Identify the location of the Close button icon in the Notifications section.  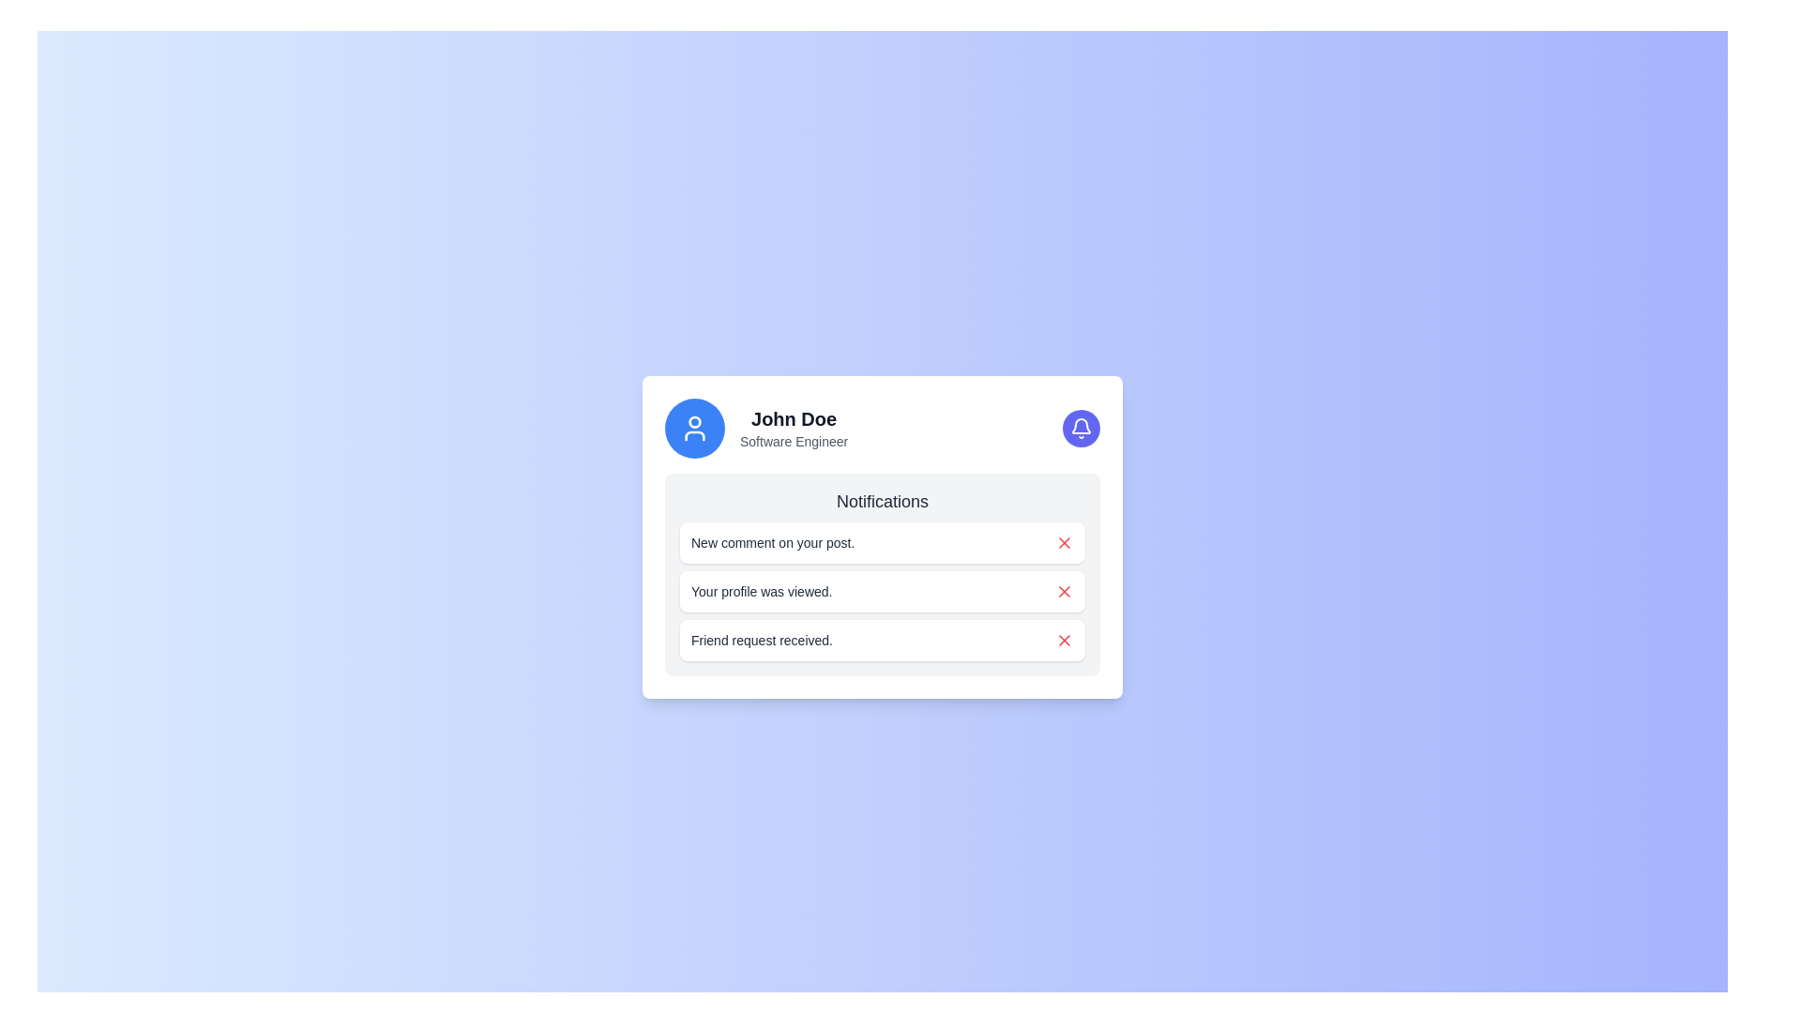
(1064, 639).